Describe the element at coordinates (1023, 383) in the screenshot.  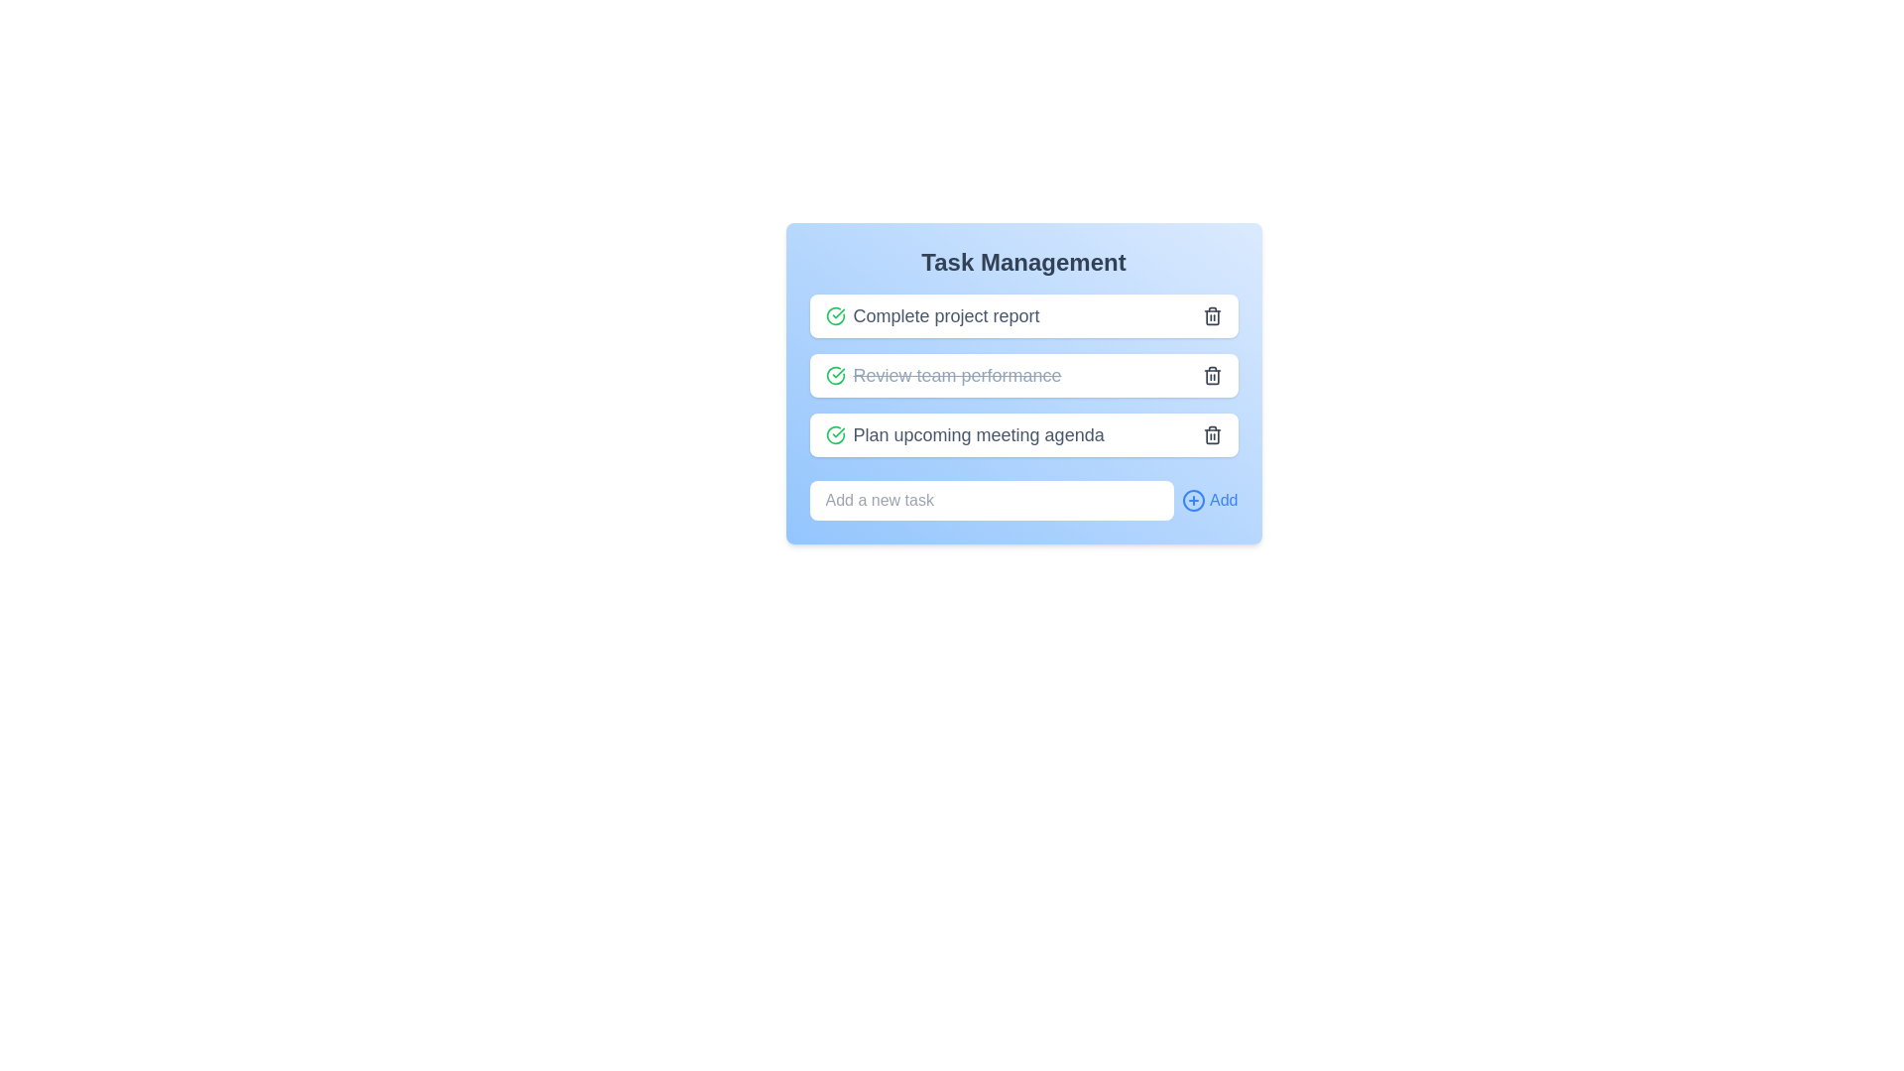
I see `the checkbox of the second task item in the to-do list to mark it as completed` at that location.